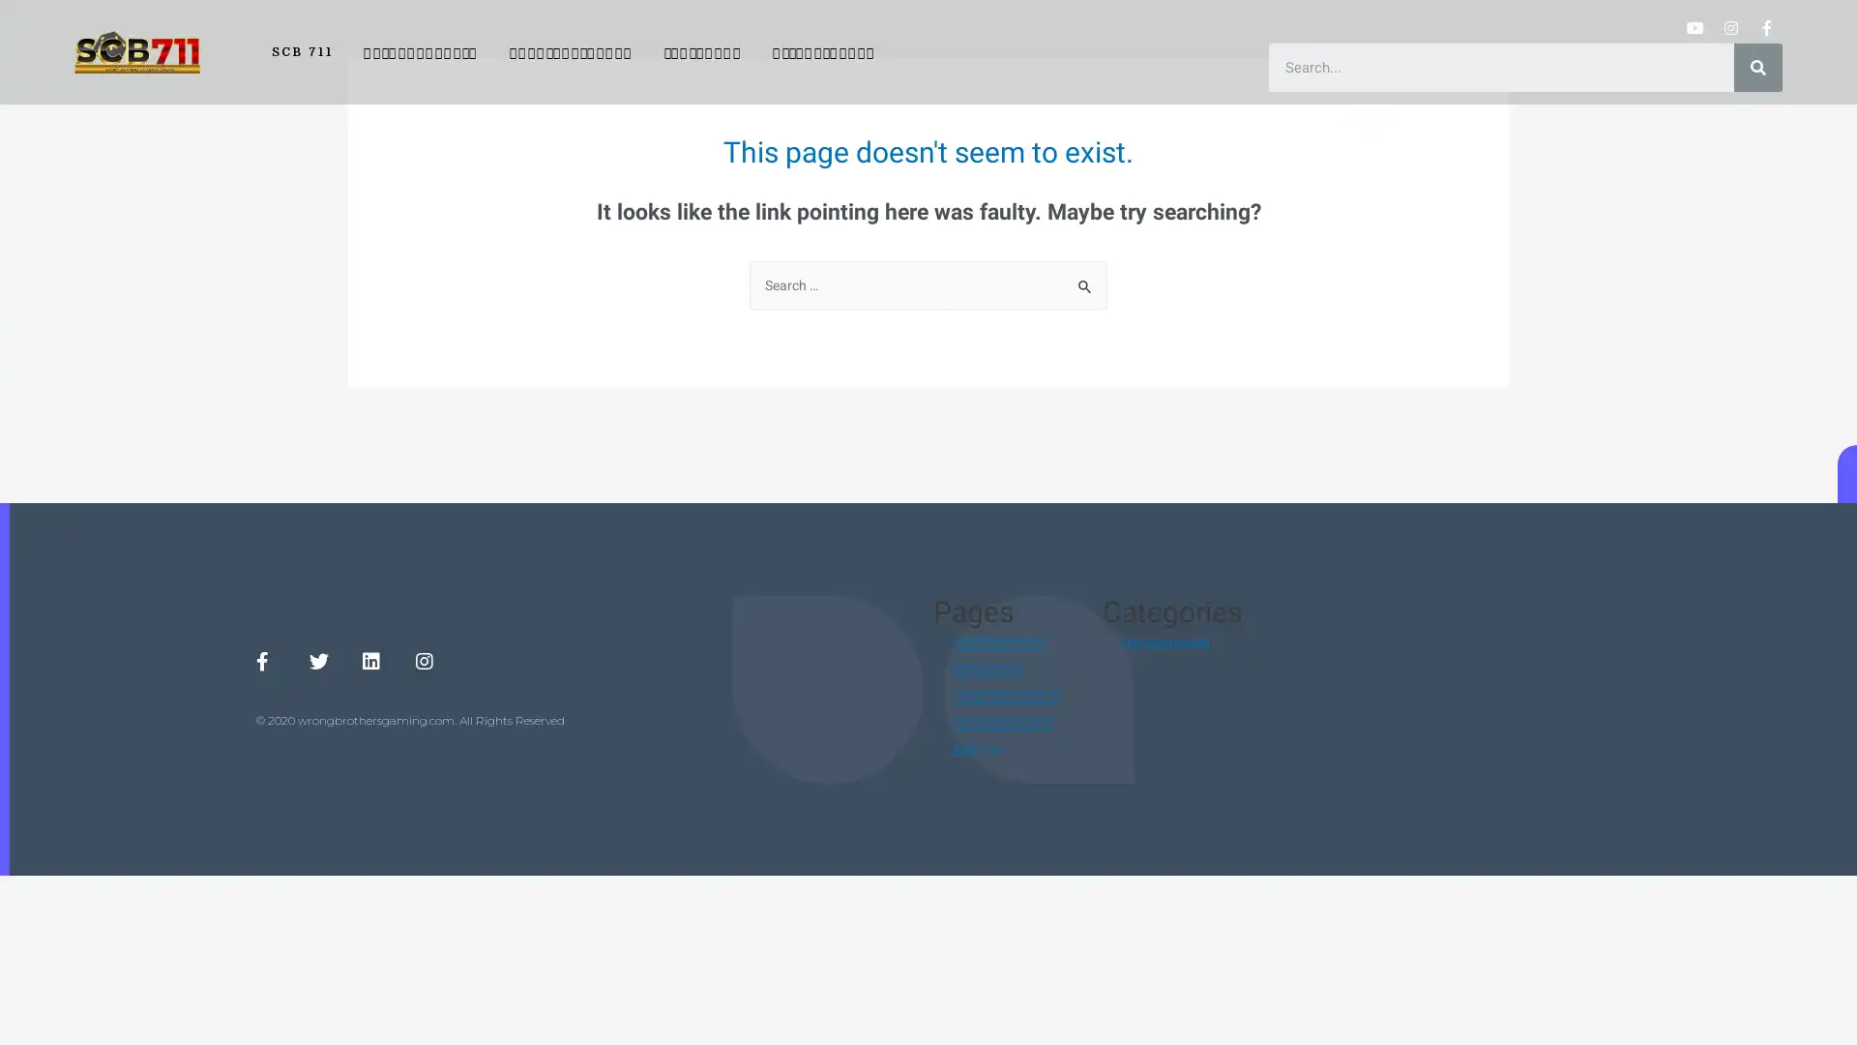  I want to click on Search, so click(1085, 281).